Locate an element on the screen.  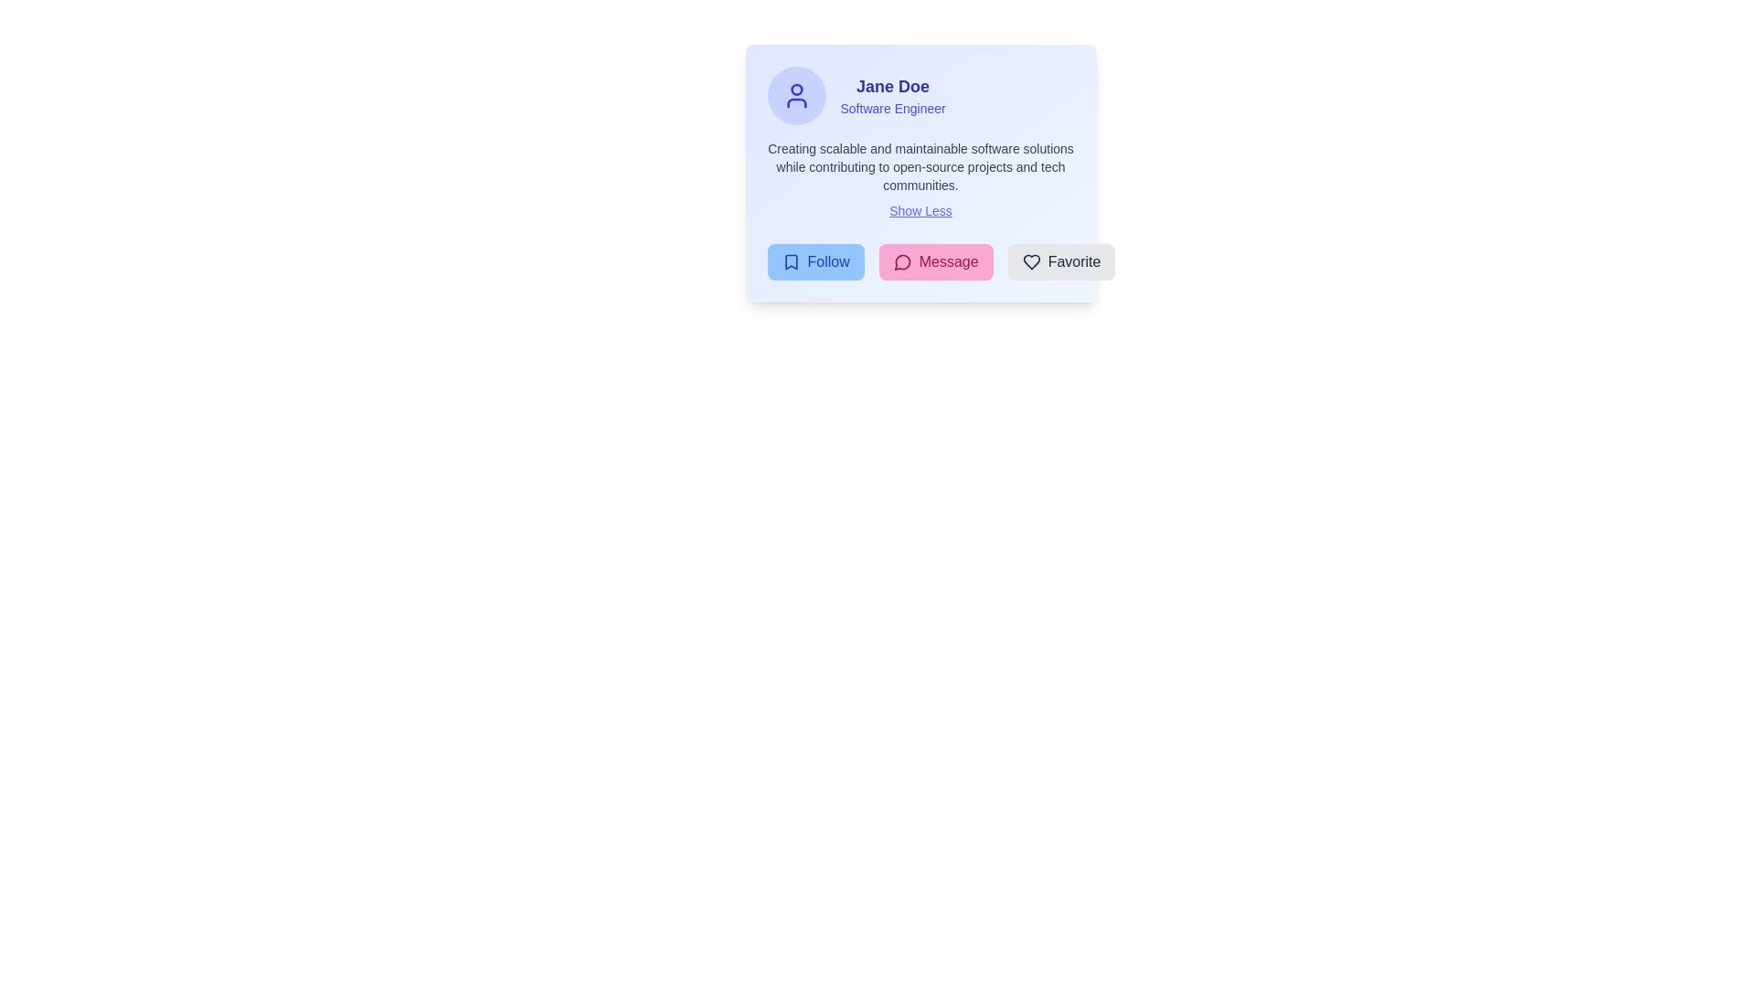
the bookmark icon within the 'Follow' button is located at coordinates (791, 261).